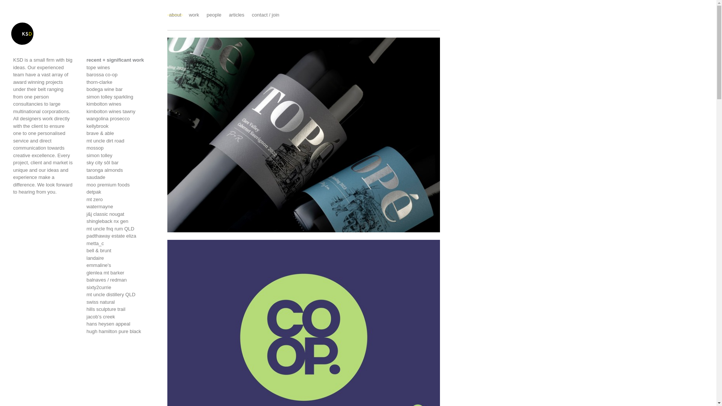 This screenshot has height=406, width=722. Describe the element at coordinates (120, 207) in the screenshot. I see `'watermayne'` at that location.